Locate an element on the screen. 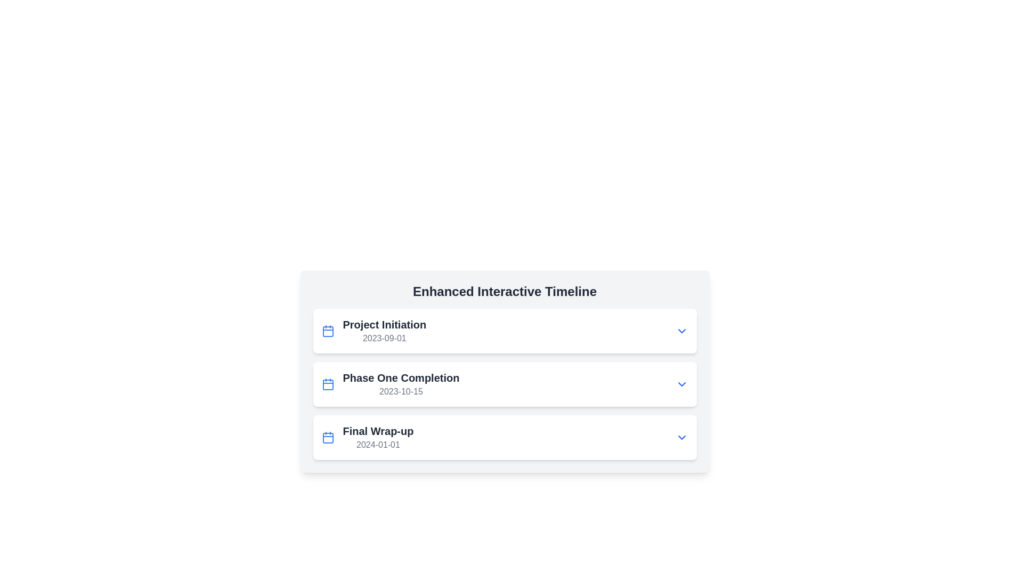  the second card in the 'Enhanced Interactive Timeline' that represents a specific phase, located between 'Project Initiation' and 'Final Wrap-up' is located at coordinates (504, 384).